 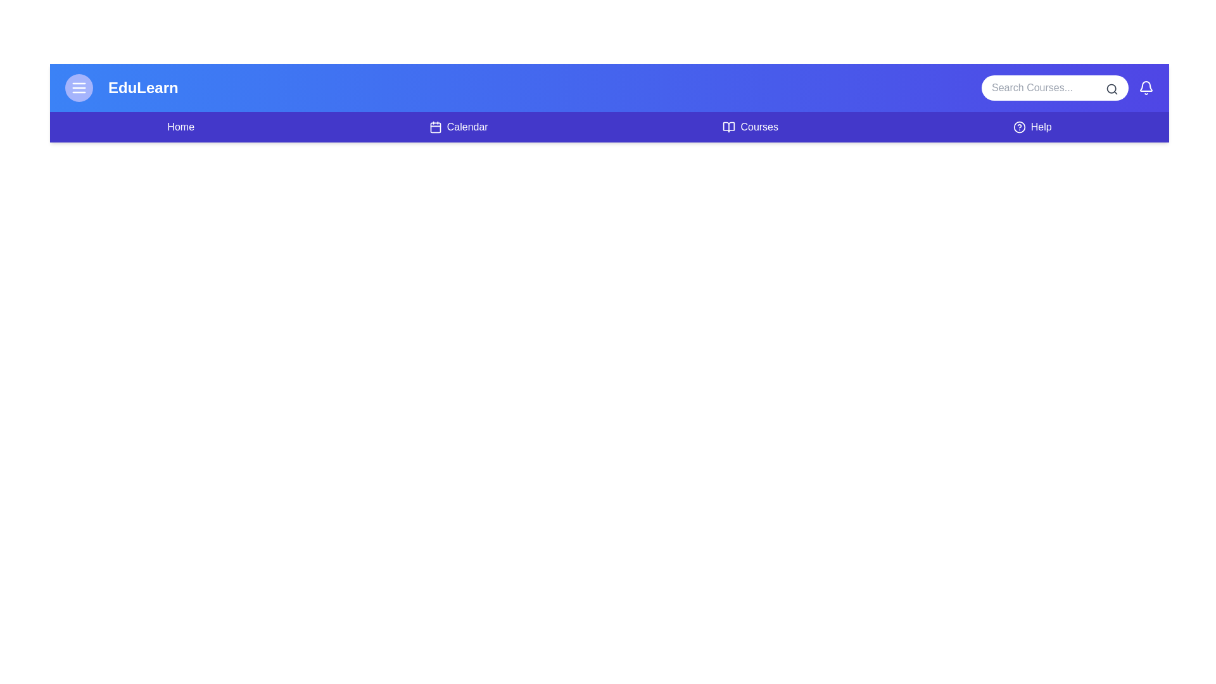 What do you see at coordinates (458, 127) in the screenshot?
I see `the navigation link for Calendar to navigate to the corresponding section` at bounding box center [458, 127].